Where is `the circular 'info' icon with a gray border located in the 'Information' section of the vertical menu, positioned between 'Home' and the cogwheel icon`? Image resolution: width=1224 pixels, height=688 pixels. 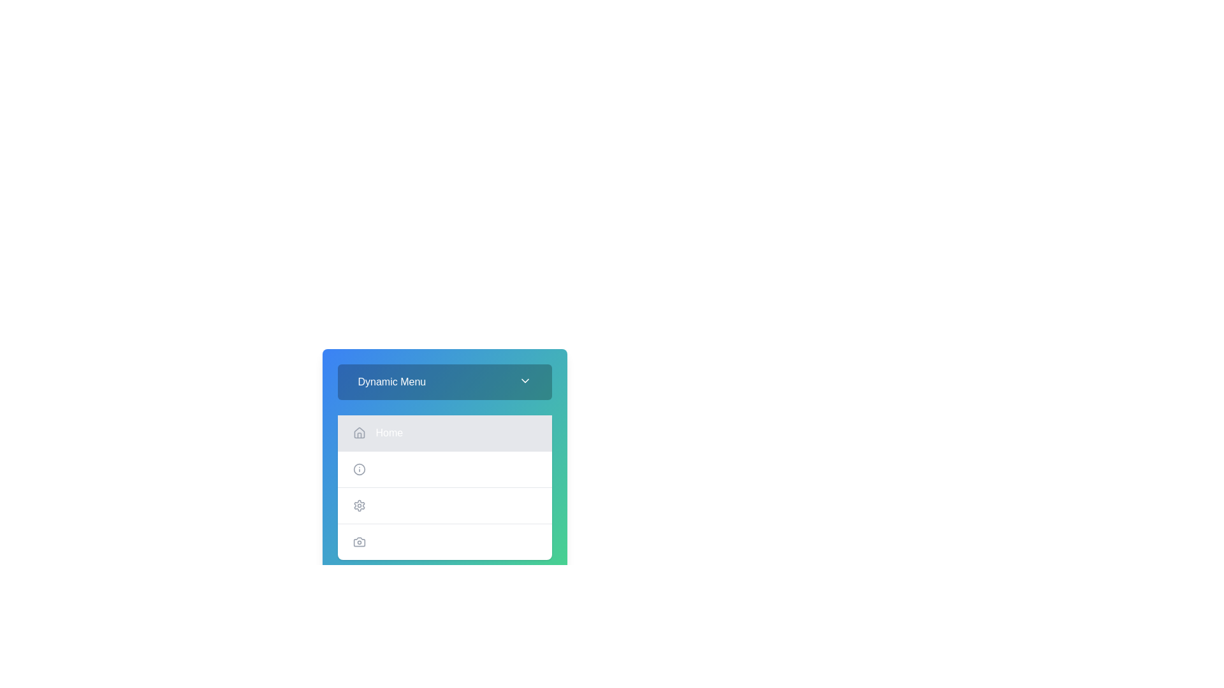
the circular 'info' icon with a gray border located in the 'Information' section of the vertical menu, positioned between 'Home' and the cogwheel icon is located at coordinates (358, 469).